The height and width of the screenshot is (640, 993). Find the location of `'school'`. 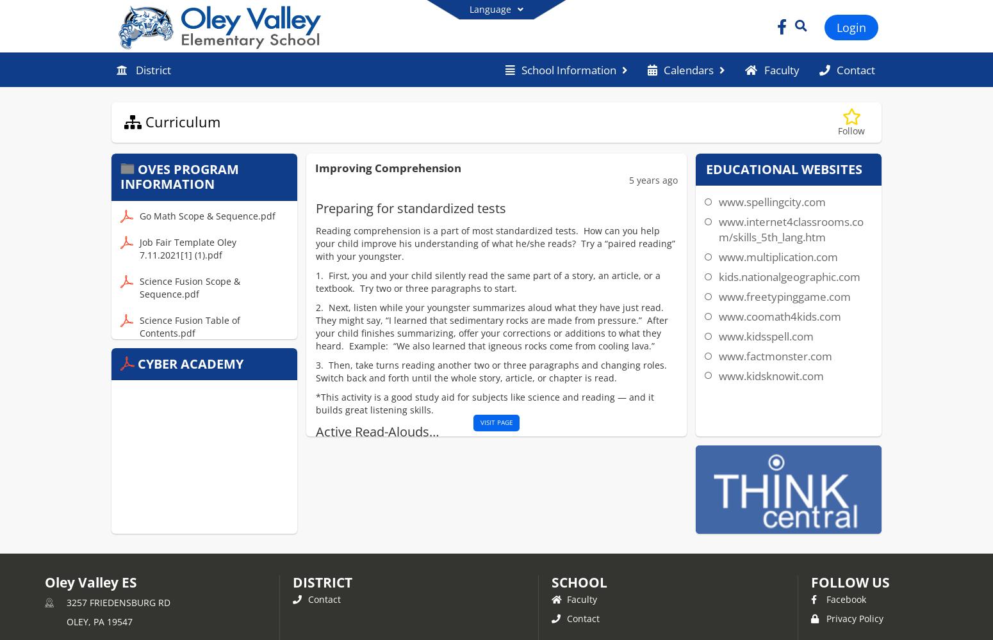

'school' is located at coordinates (579, 582).